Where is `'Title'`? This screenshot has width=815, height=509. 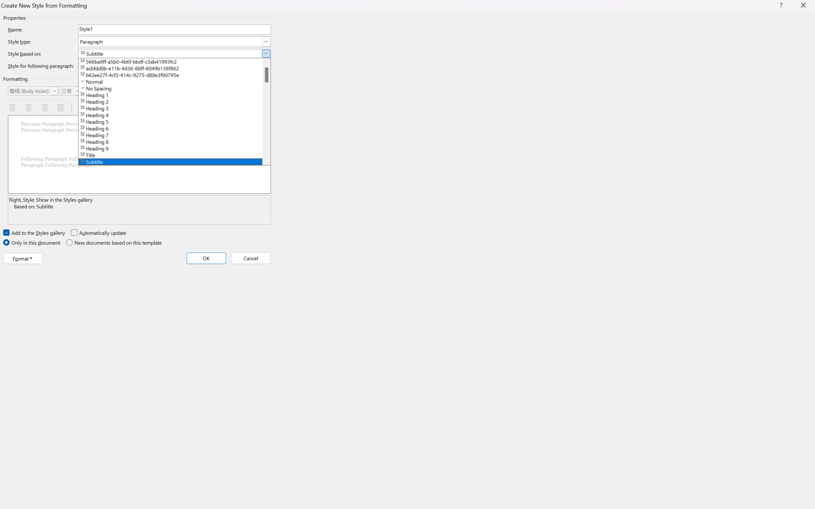 'Title' is located at coordinates (174, 155).